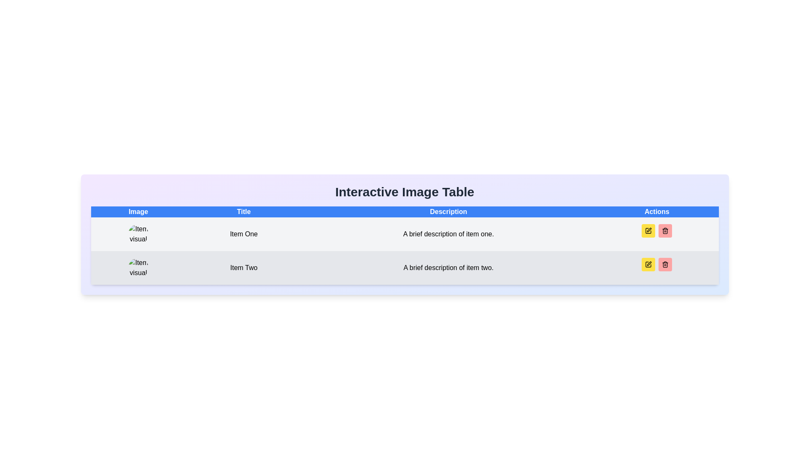 The height and width of the screenshot is (455, 810). I want to click on the edit icon button located in the 'Actions' column of the second row of the table to initiate editing the row content, so click(648, 230).